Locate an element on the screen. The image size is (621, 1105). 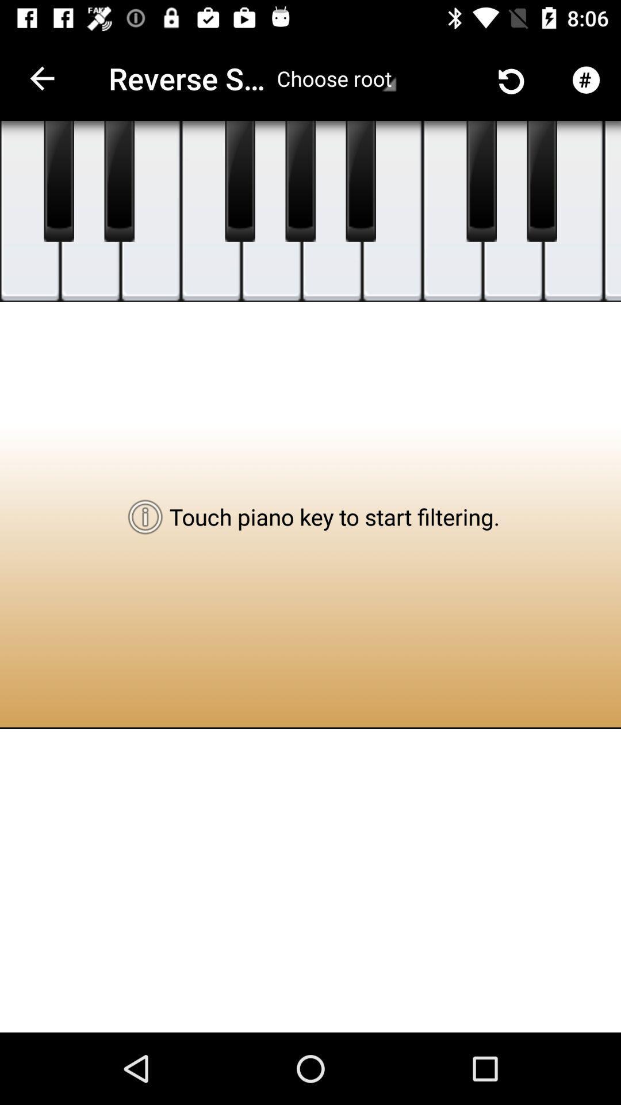
press key is located at coordinates (29, 211).